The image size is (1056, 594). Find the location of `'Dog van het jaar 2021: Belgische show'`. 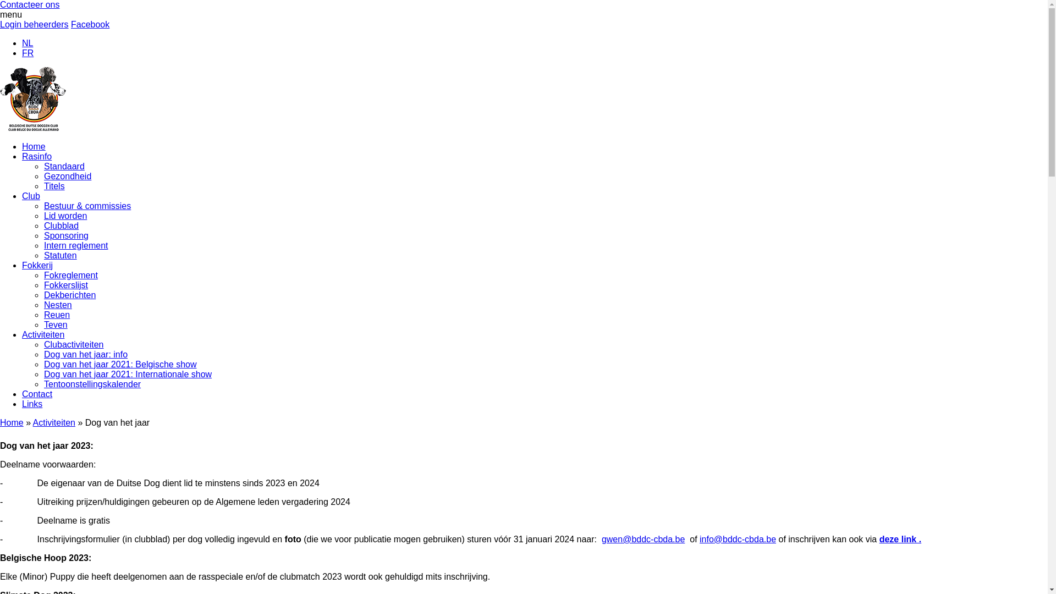

'Dog van het jaar 2021: Belgische show' is located at coordinates (120, 364).